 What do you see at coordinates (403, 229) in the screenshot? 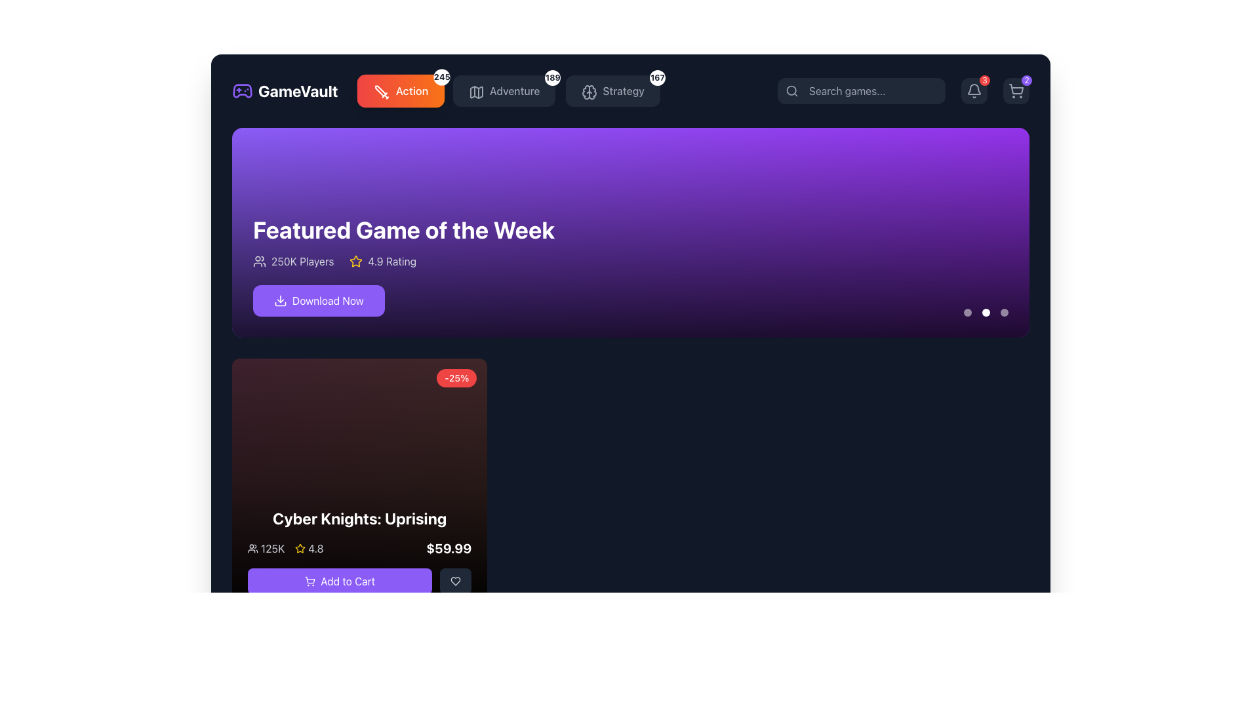
I see `the static text element that reads 'Featured Game of the Week', which is styled in bold white font and placed on a gradient purple background` at bounding box center [403, 229].